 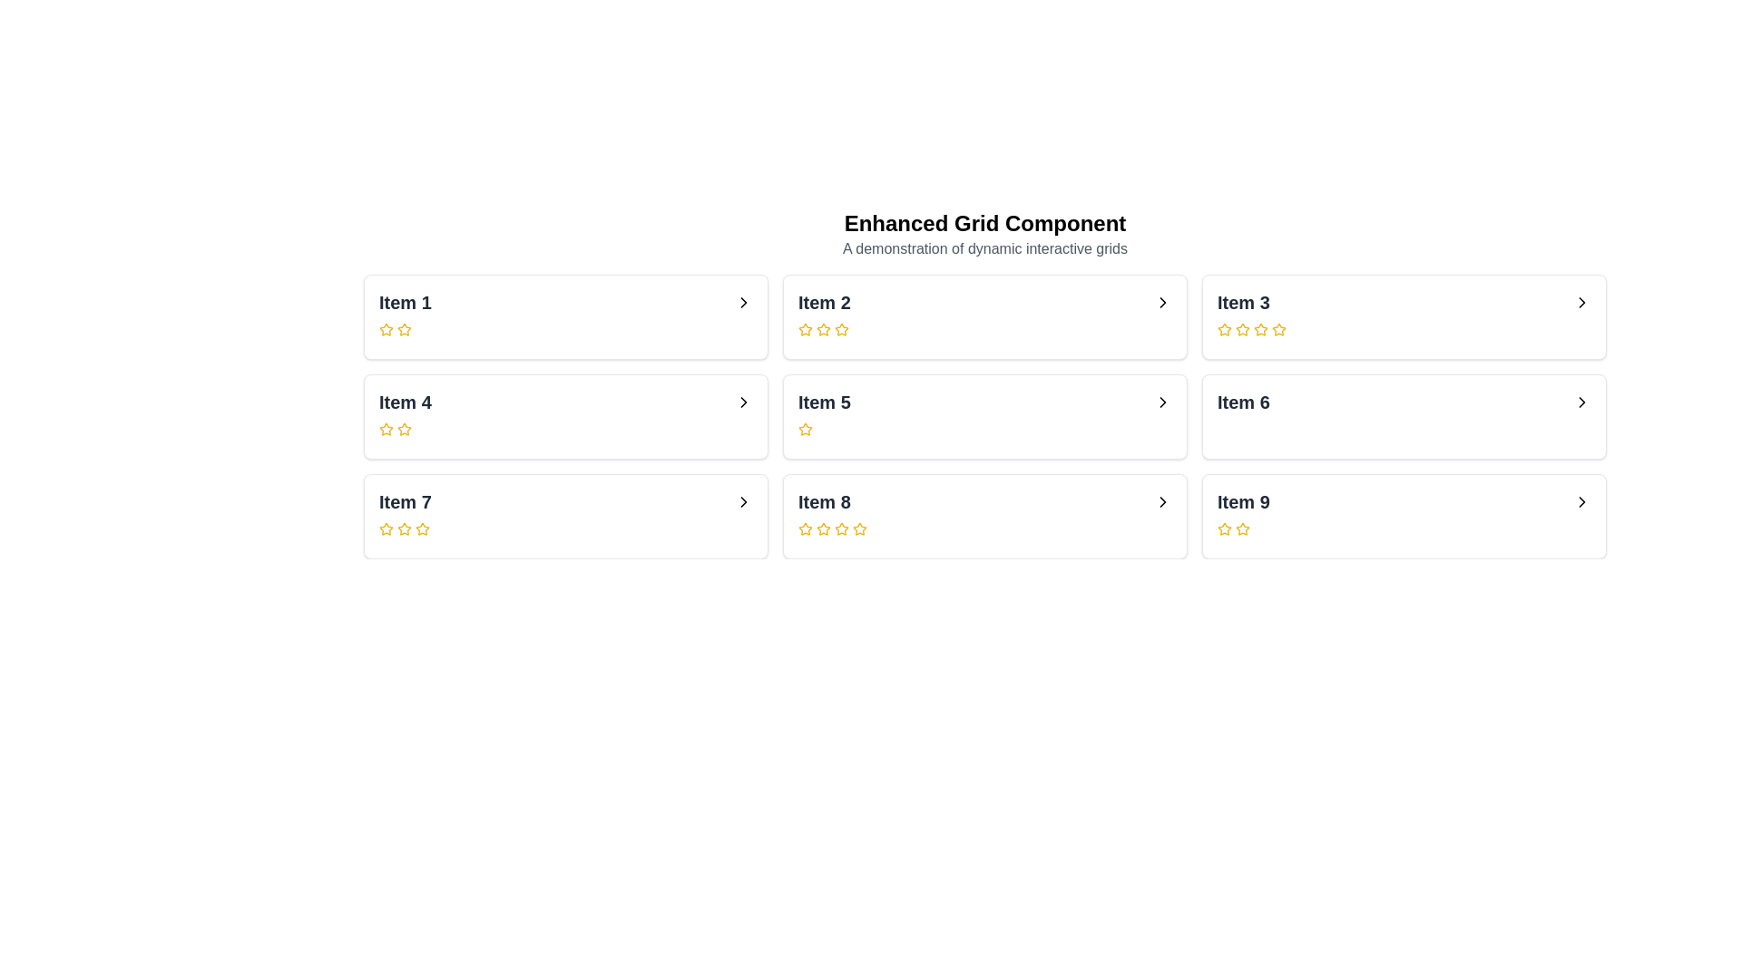 What do you see at coordinates (822, 528) in the screenshot?
I see `the second yellow star-shaped icon in the rating section for 'Item 8' which has a hollow center and is part of a sequence of five stars` at bounding box center [822, 528].